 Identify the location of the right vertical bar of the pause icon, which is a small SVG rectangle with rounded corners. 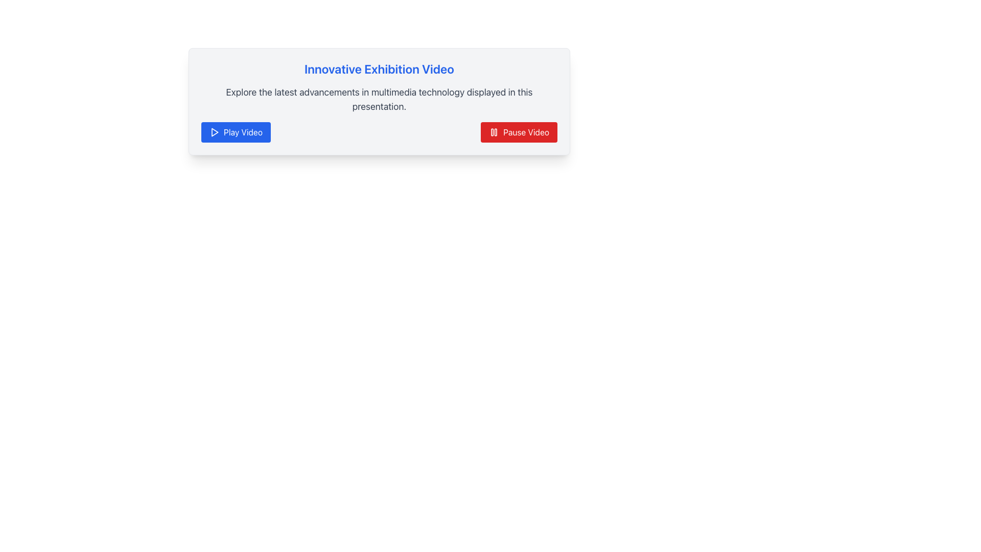
(496, 131).